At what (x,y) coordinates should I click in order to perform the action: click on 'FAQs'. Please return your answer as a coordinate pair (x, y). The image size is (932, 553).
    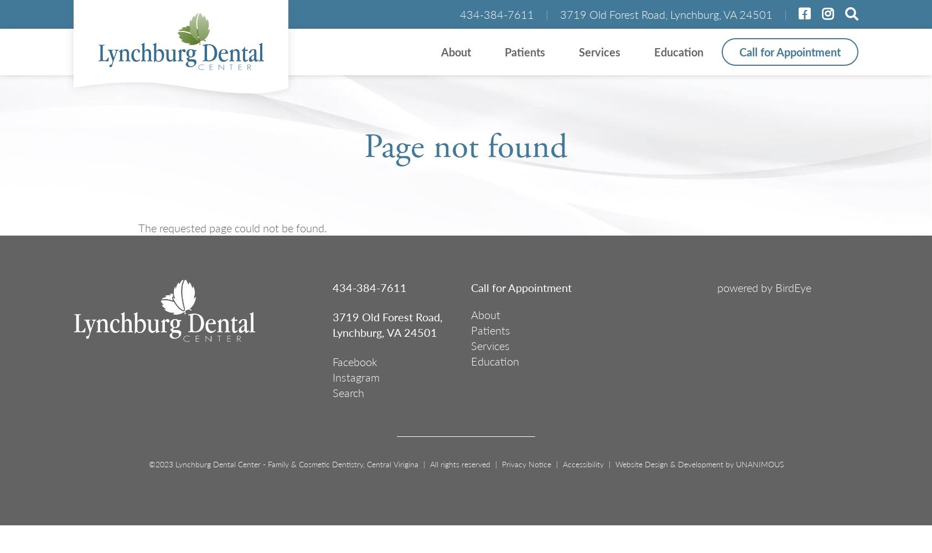
    Looking at the image, I should click on (254, 152).